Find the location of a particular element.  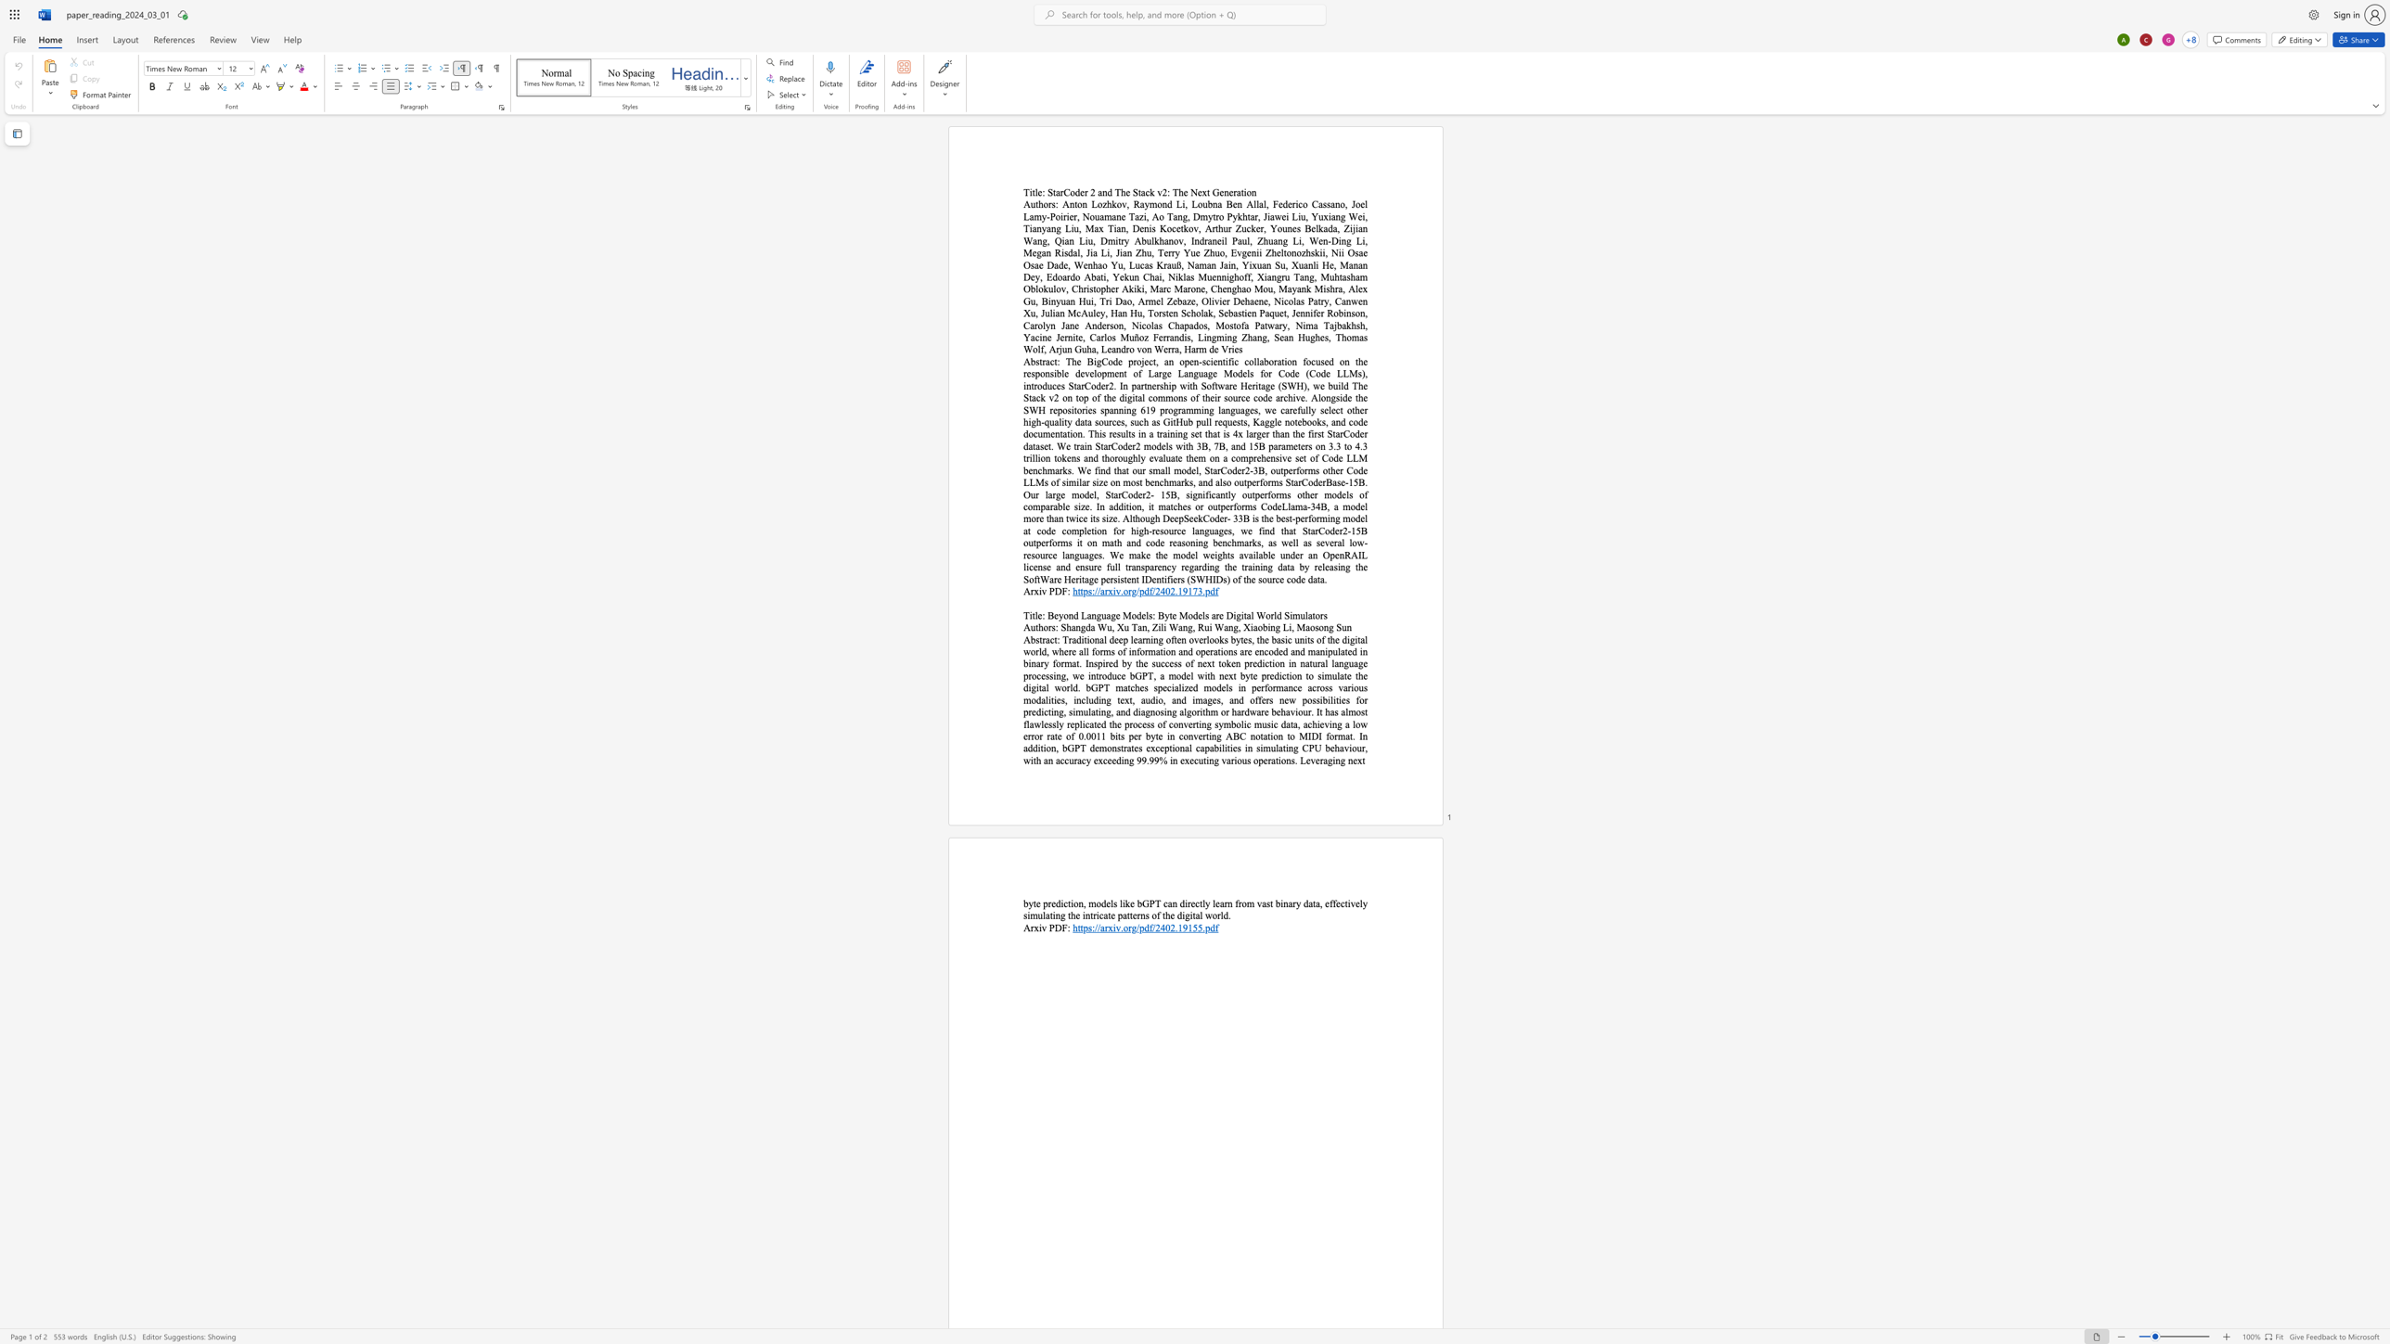

the space between the continuous character "." and "p" in the text is located at coordinates (1205, 590).